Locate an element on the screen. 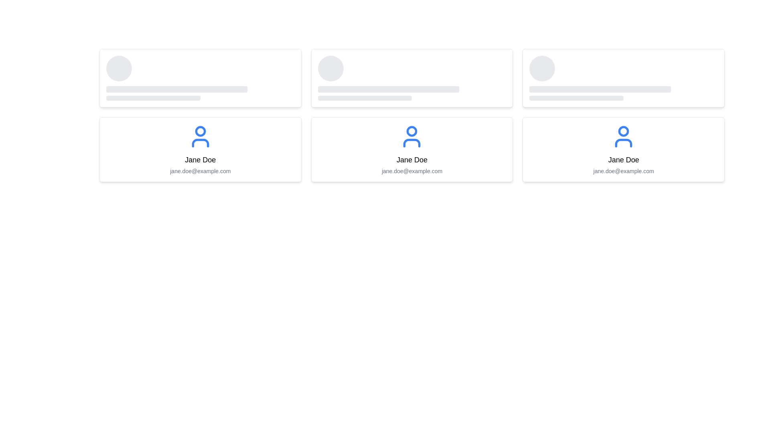  the decorative shape that forms the head of the user icon, which is located above the text 'Jane Doe' and is part of the user icon within the SVG image is located at coordinates (412, 131).